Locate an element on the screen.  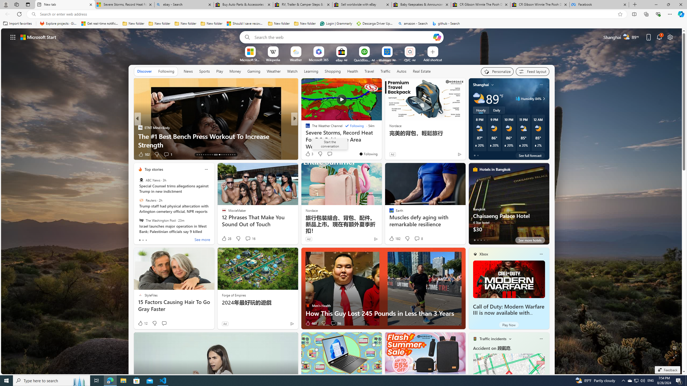
'hotels-header-icon' is located at coordinates (475, 169).